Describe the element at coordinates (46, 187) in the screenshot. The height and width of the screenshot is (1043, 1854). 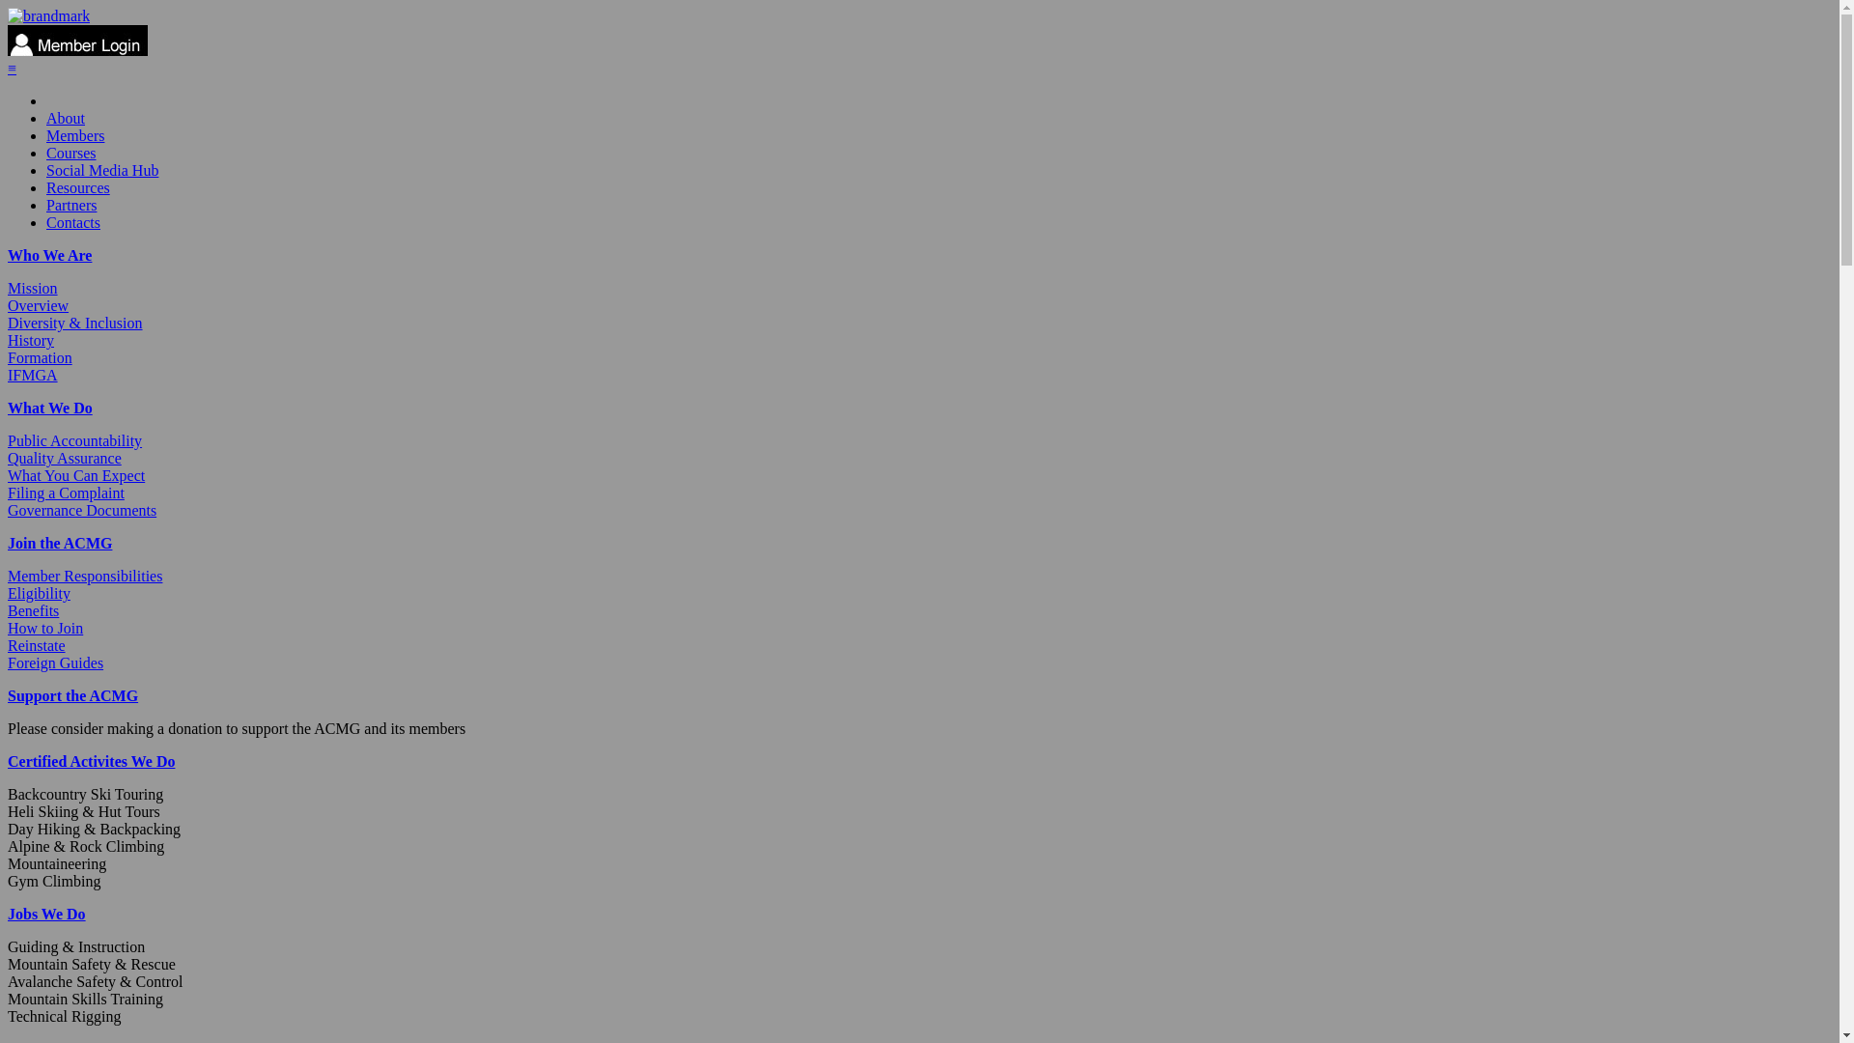
I see `'Resources'` at that location.